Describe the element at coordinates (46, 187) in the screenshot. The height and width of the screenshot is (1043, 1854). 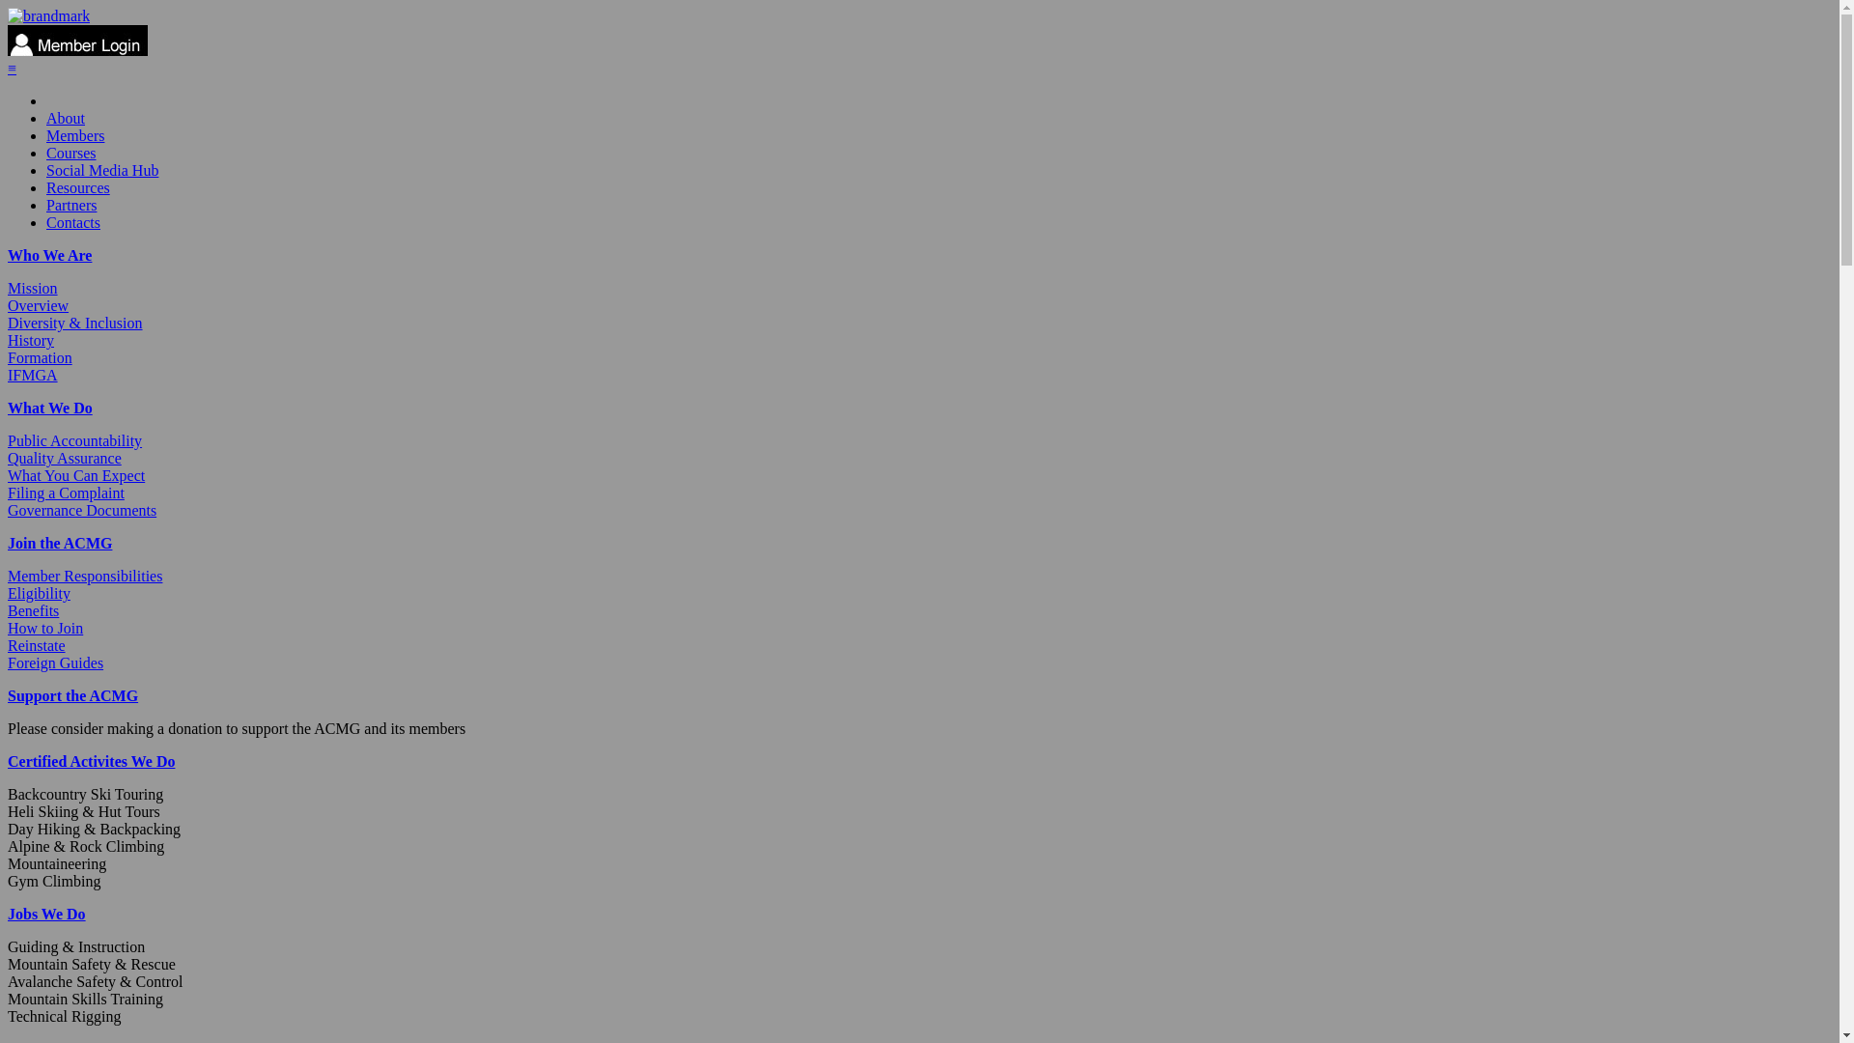
I see `'Resources'` at that location.